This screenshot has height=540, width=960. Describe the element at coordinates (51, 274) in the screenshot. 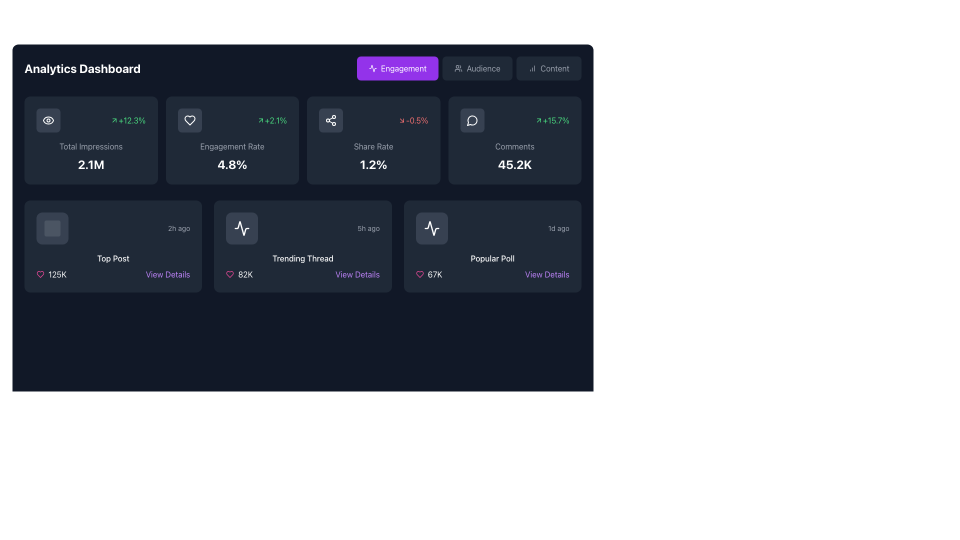

I see `the text label displaying '125K' next to the pink outlined heart icon, which indicates likes or favorites, located in the lower-left quadrant of the interface within the 'Top Post' card component` at that location.